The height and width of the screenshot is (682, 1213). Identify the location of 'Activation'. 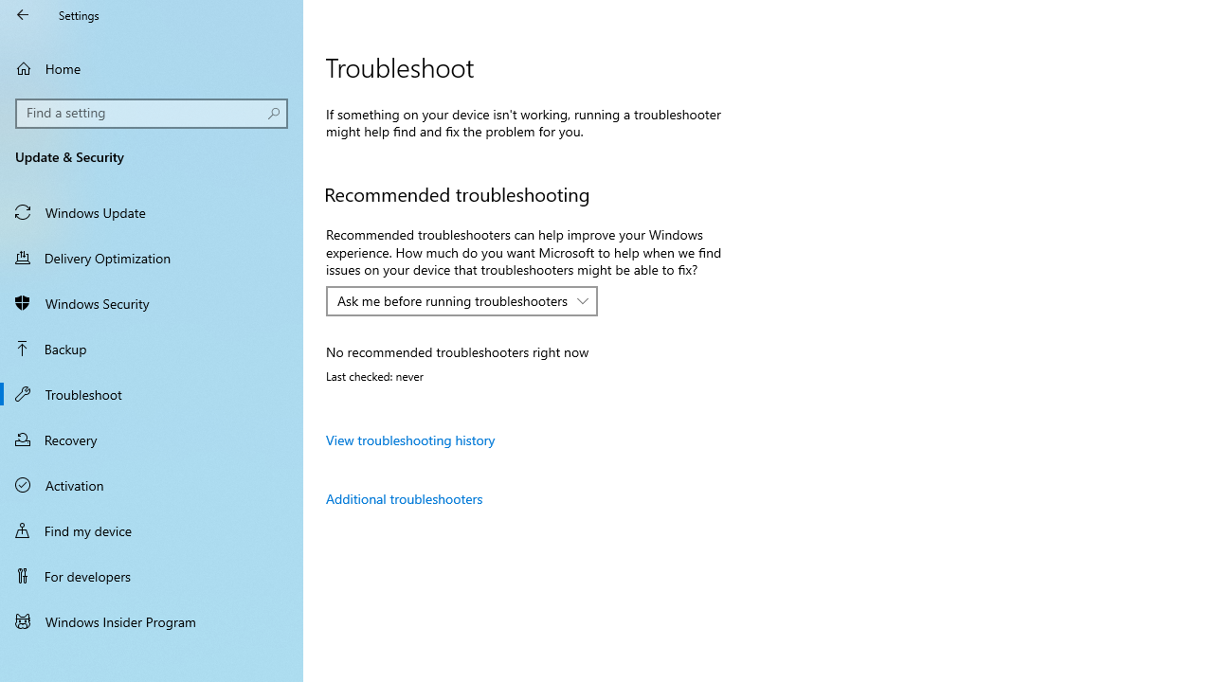
(152, 483).